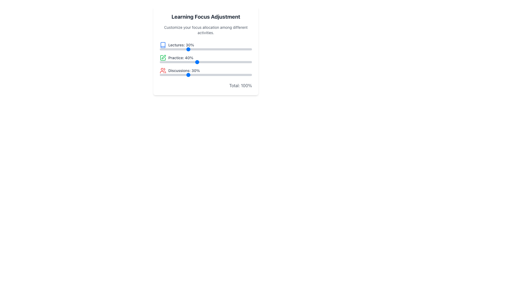 The image size is (513, 288). I want to click on the 'Lectures' category composite UI element, which includes a label, icon, and progress bar, so click(205, 46).